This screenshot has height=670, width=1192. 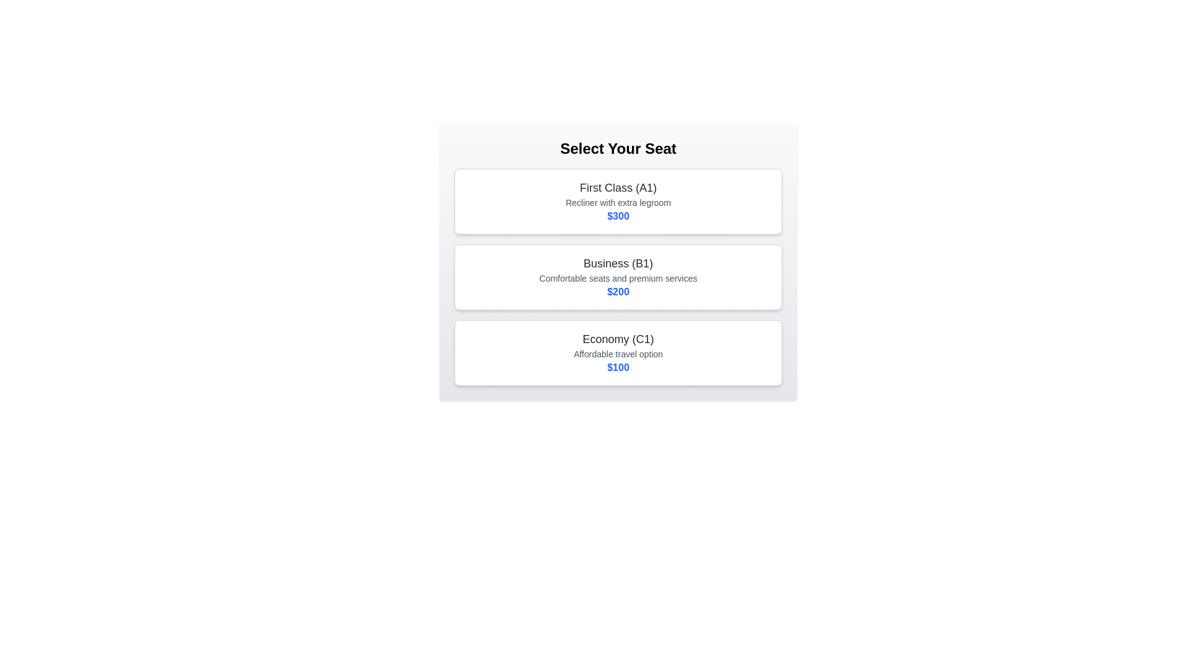 I want to click on the text component displaying 'Economy (C1)', which is styled prominently in dark gray and located at the top of a section describing travel options, so click(x=618, y=339).